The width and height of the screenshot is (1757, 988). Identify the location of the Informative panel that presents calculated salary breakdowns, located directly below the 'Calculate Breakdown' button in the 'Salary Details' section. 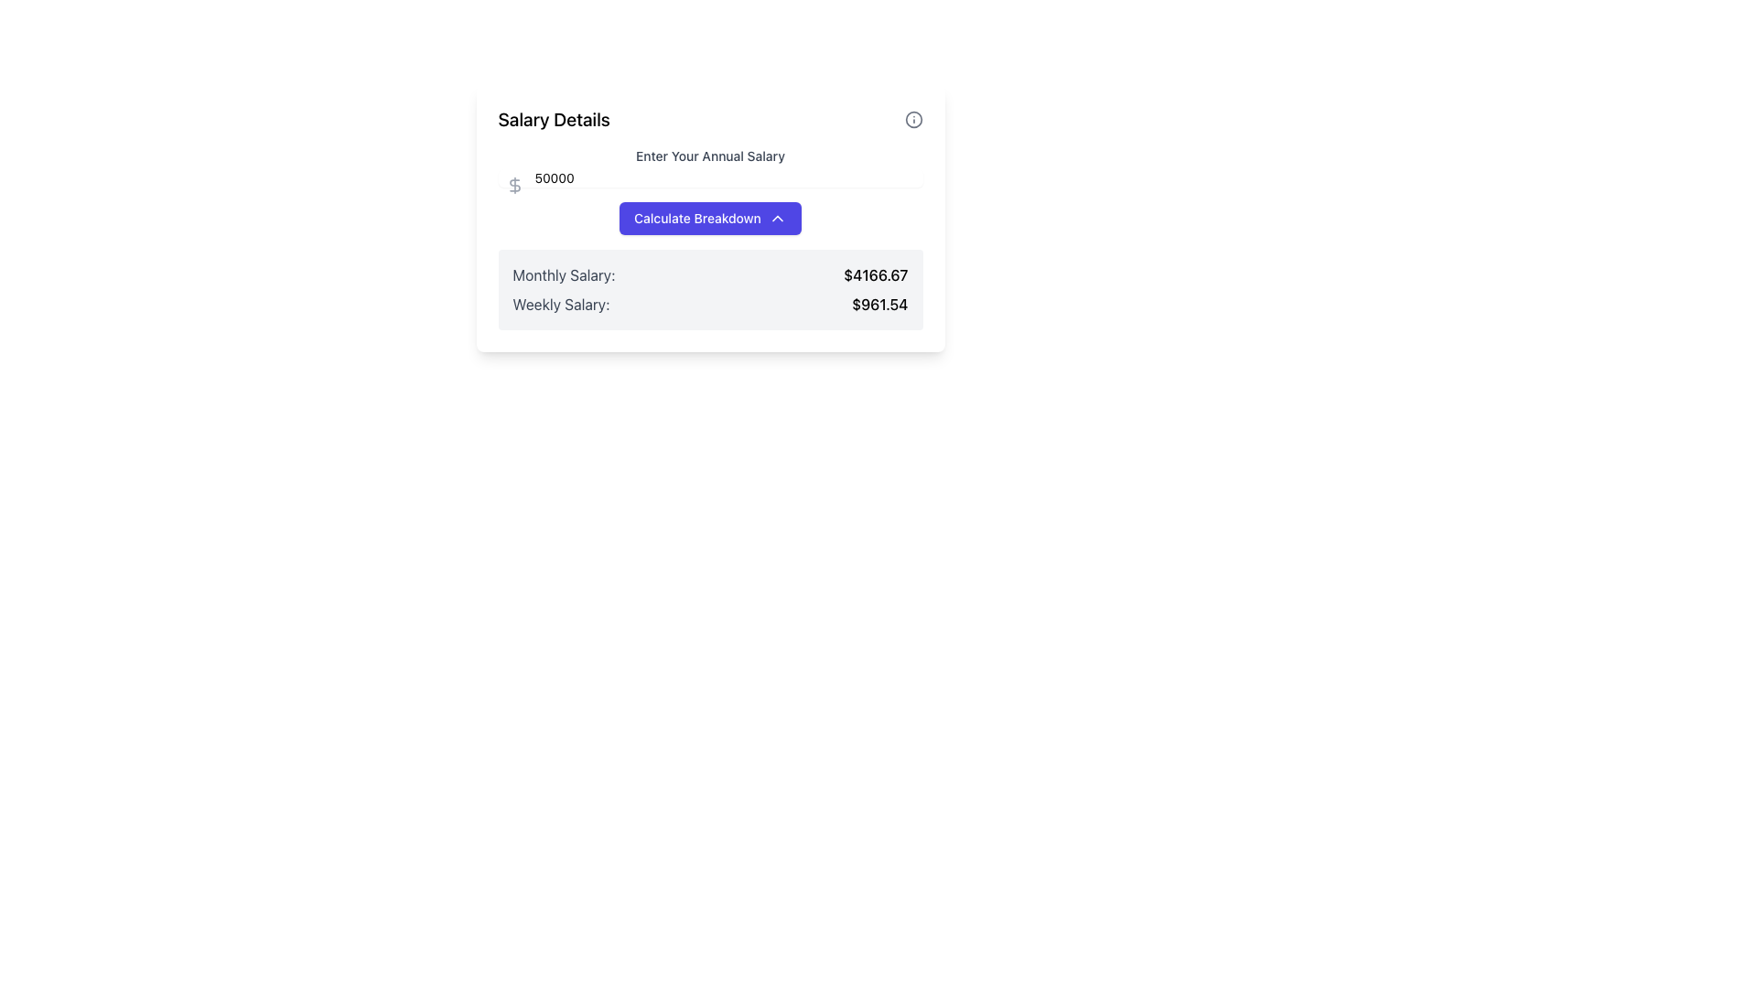
(709, 265).